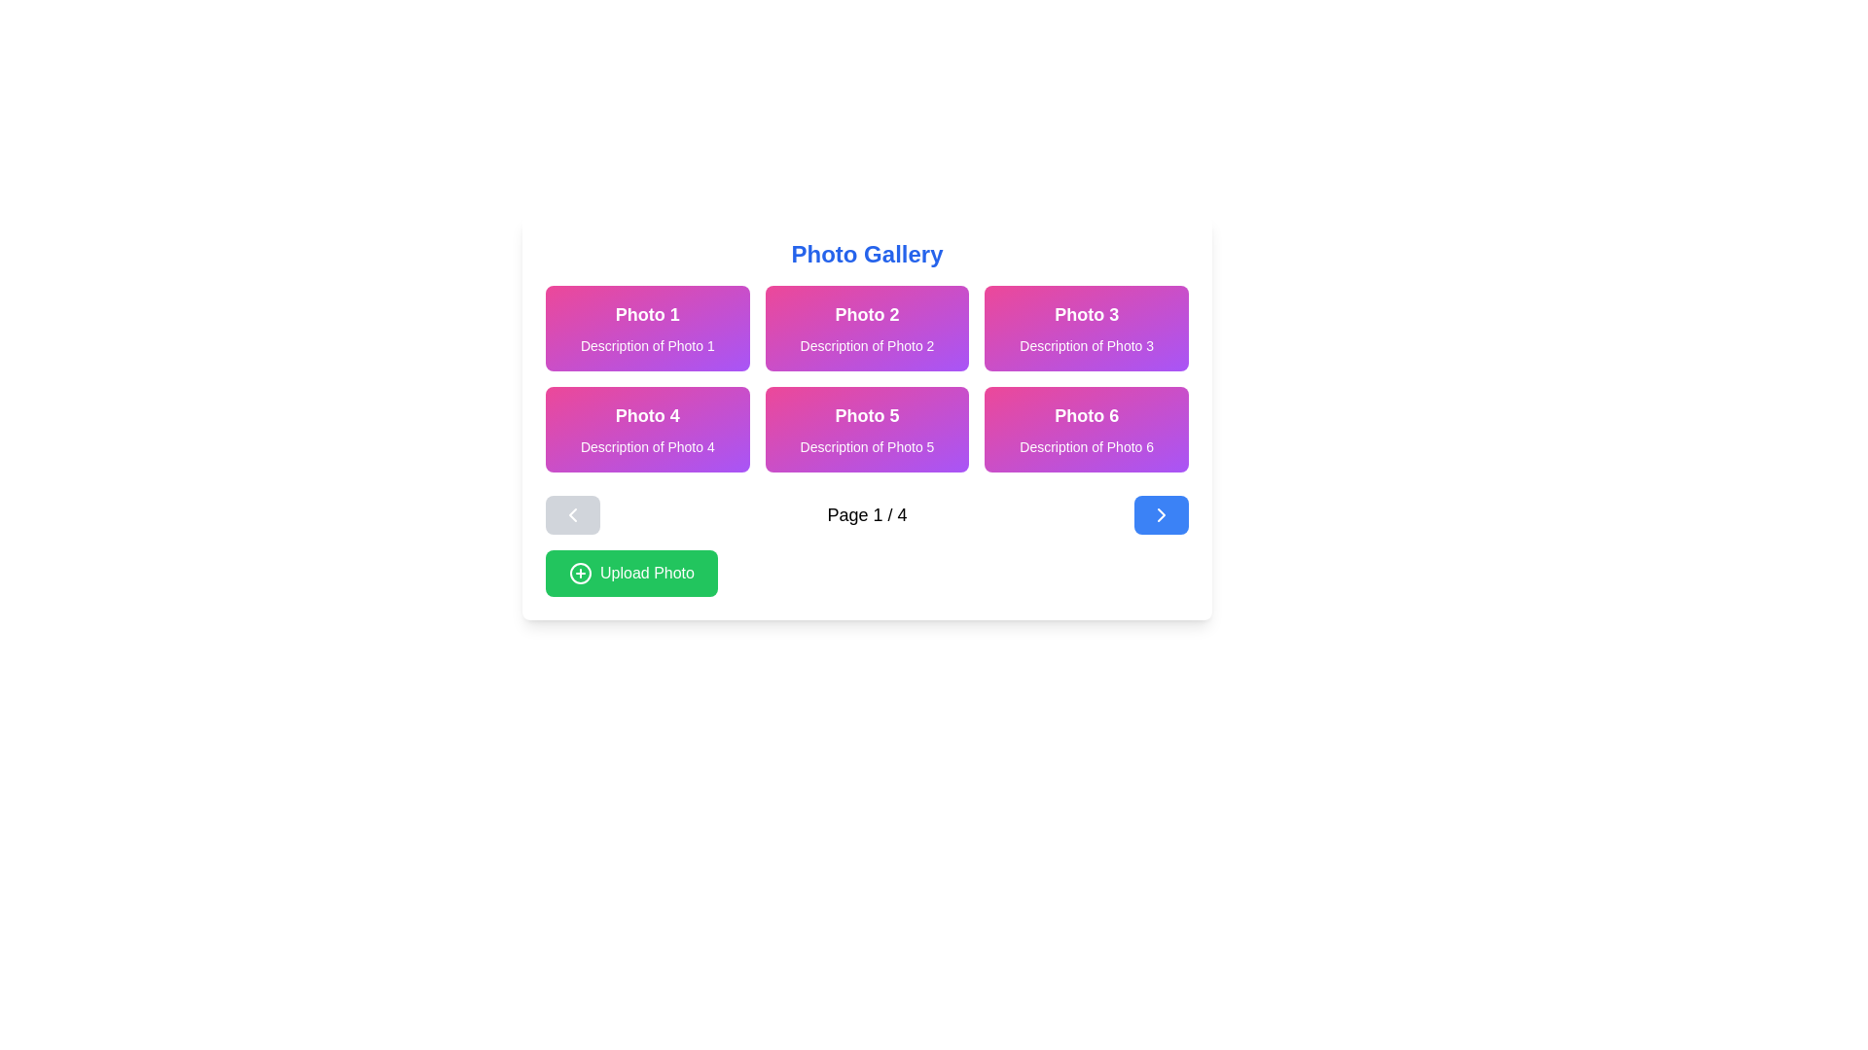 Image resolution: width=1868 pixels, height=1050 pixels. I want to click on the text label providing additional contextual information for 'Photo 2', located below the 'Photo 2' text in the second card of a three-by-two grid layout, so click(866, 344).